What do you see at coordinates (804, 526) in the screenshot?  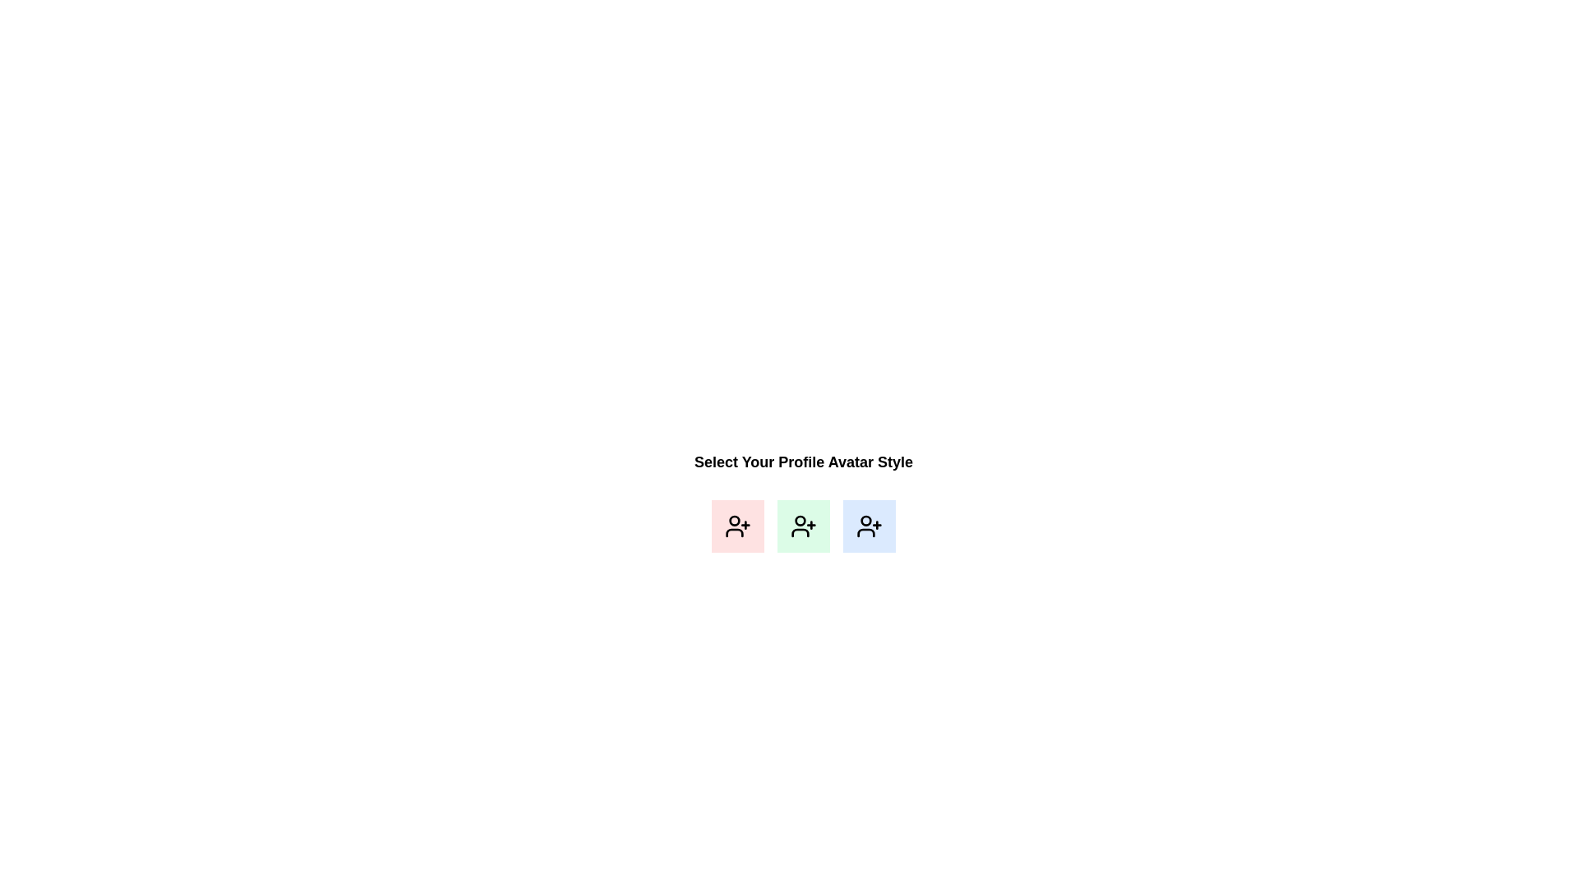 I see `the user figure icon with a '+' sign on the green square button in the middle of three buttons` at bounding box center [804, 526].